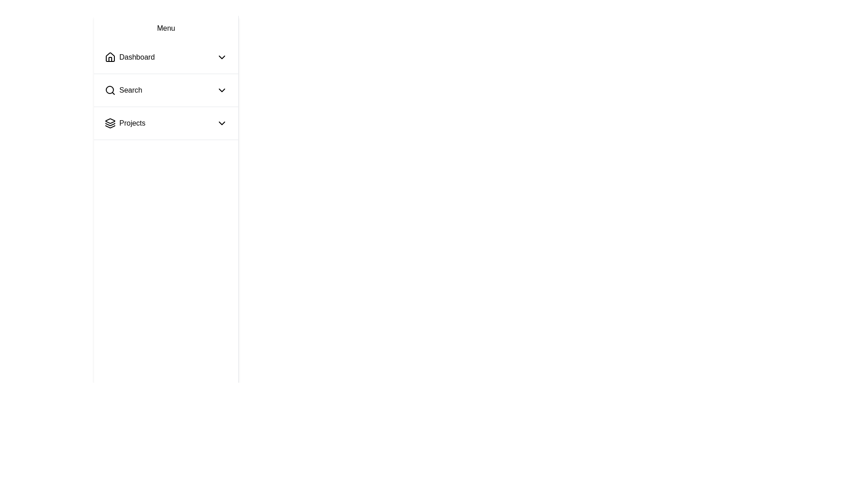 The height and width of the screenshot is (488, 868). I want to click on the 'Search' menu item, which is positioned below the 'Dashboard' item and above the 'Projects' item in the menu, so click(123, 90).